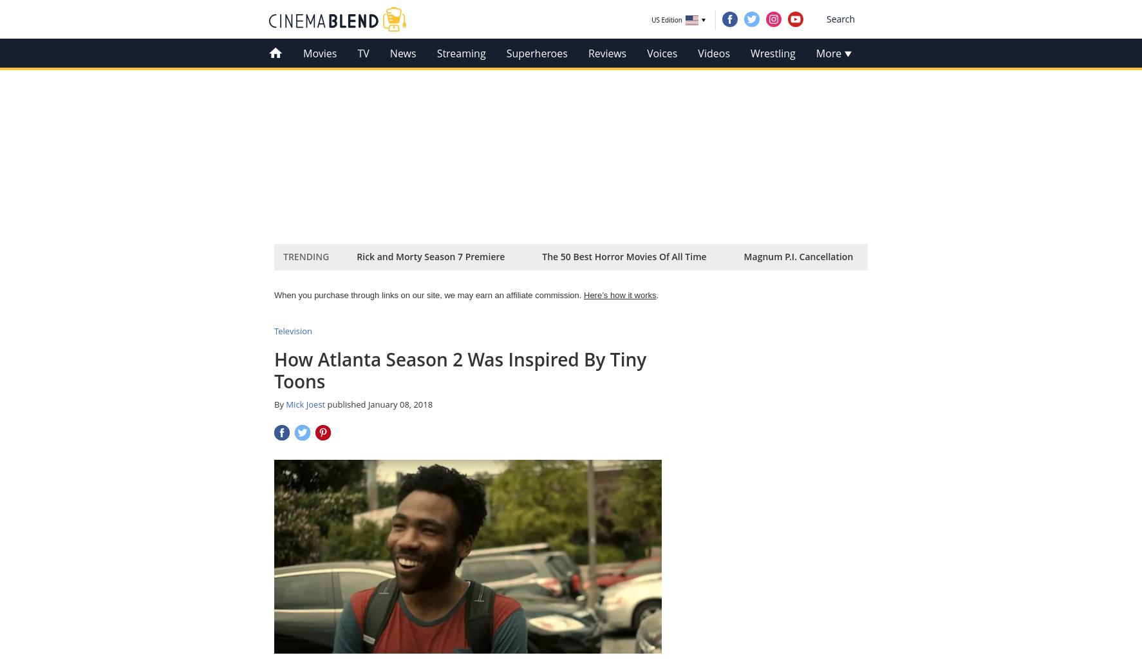 The height and width of the screenshot is (662, 1142). I want to click on 'Wrestling', so click(751, 52).